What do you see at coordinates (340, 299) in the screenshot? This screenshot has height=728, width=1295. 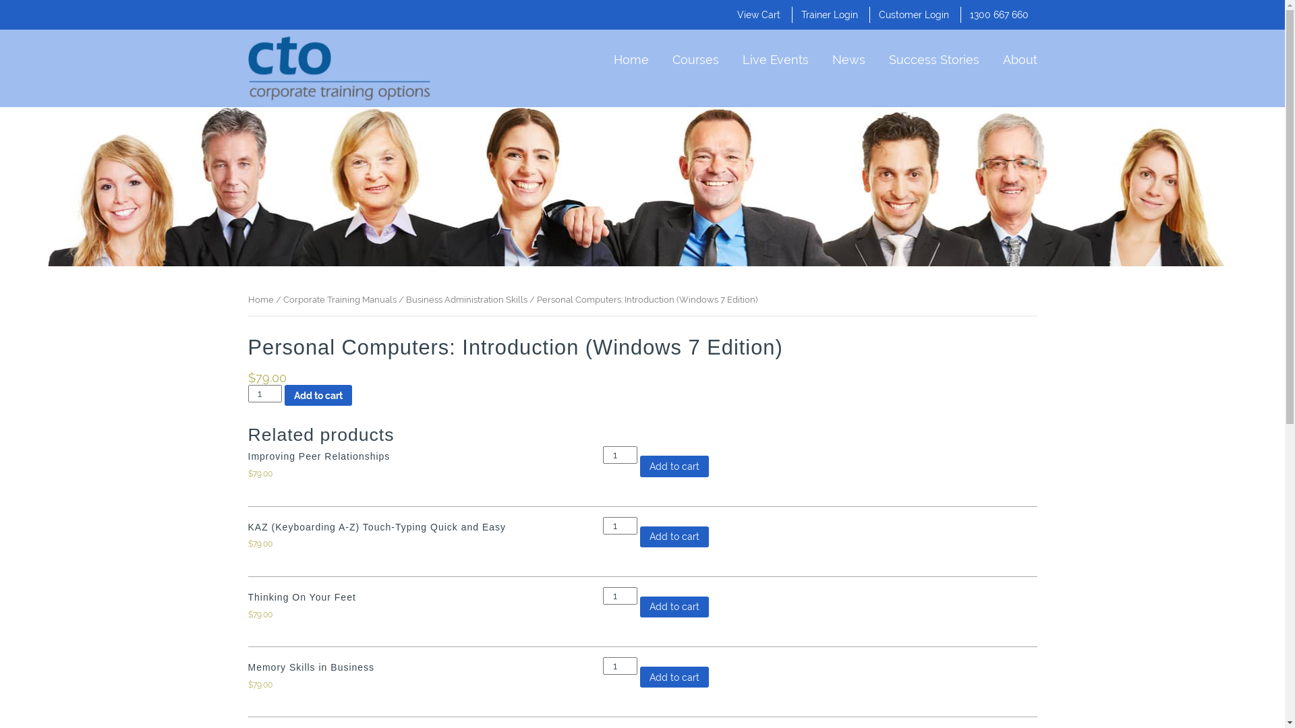 I see `'Corporate Training Manuals'` at bounding box center [340, 299].